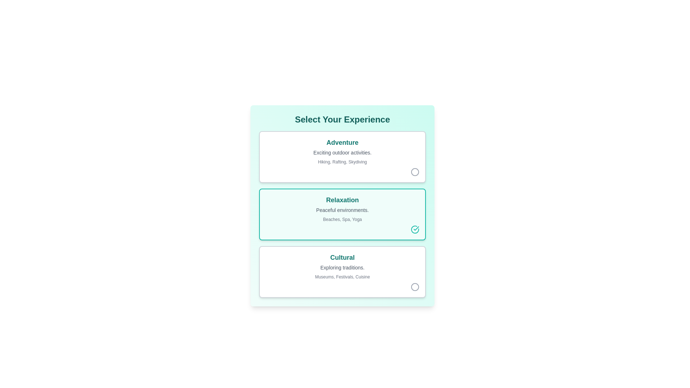  What do you see at coordinates (342, 257) in the screenshot?
I see `the text label 'Cultural', which serves as the title for the corresponding card located at the top of the third card in a vertically aligned set of cards` at bounding box center [342, 257].